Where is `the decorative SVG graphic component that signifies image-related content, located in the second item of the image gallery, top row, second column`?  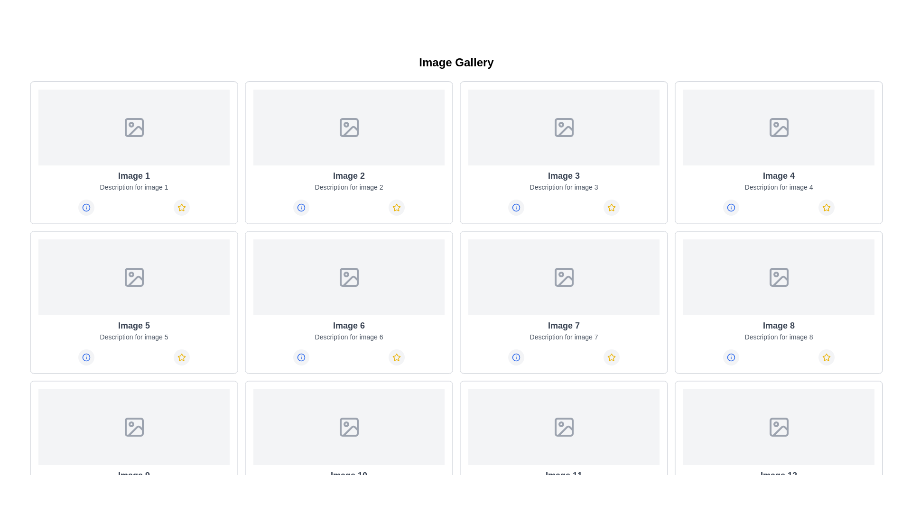 the decorative SVG graphic component that signifies image-related content, located in the second item of the image gallery, top row, second column is located at coordinates (348, 127).